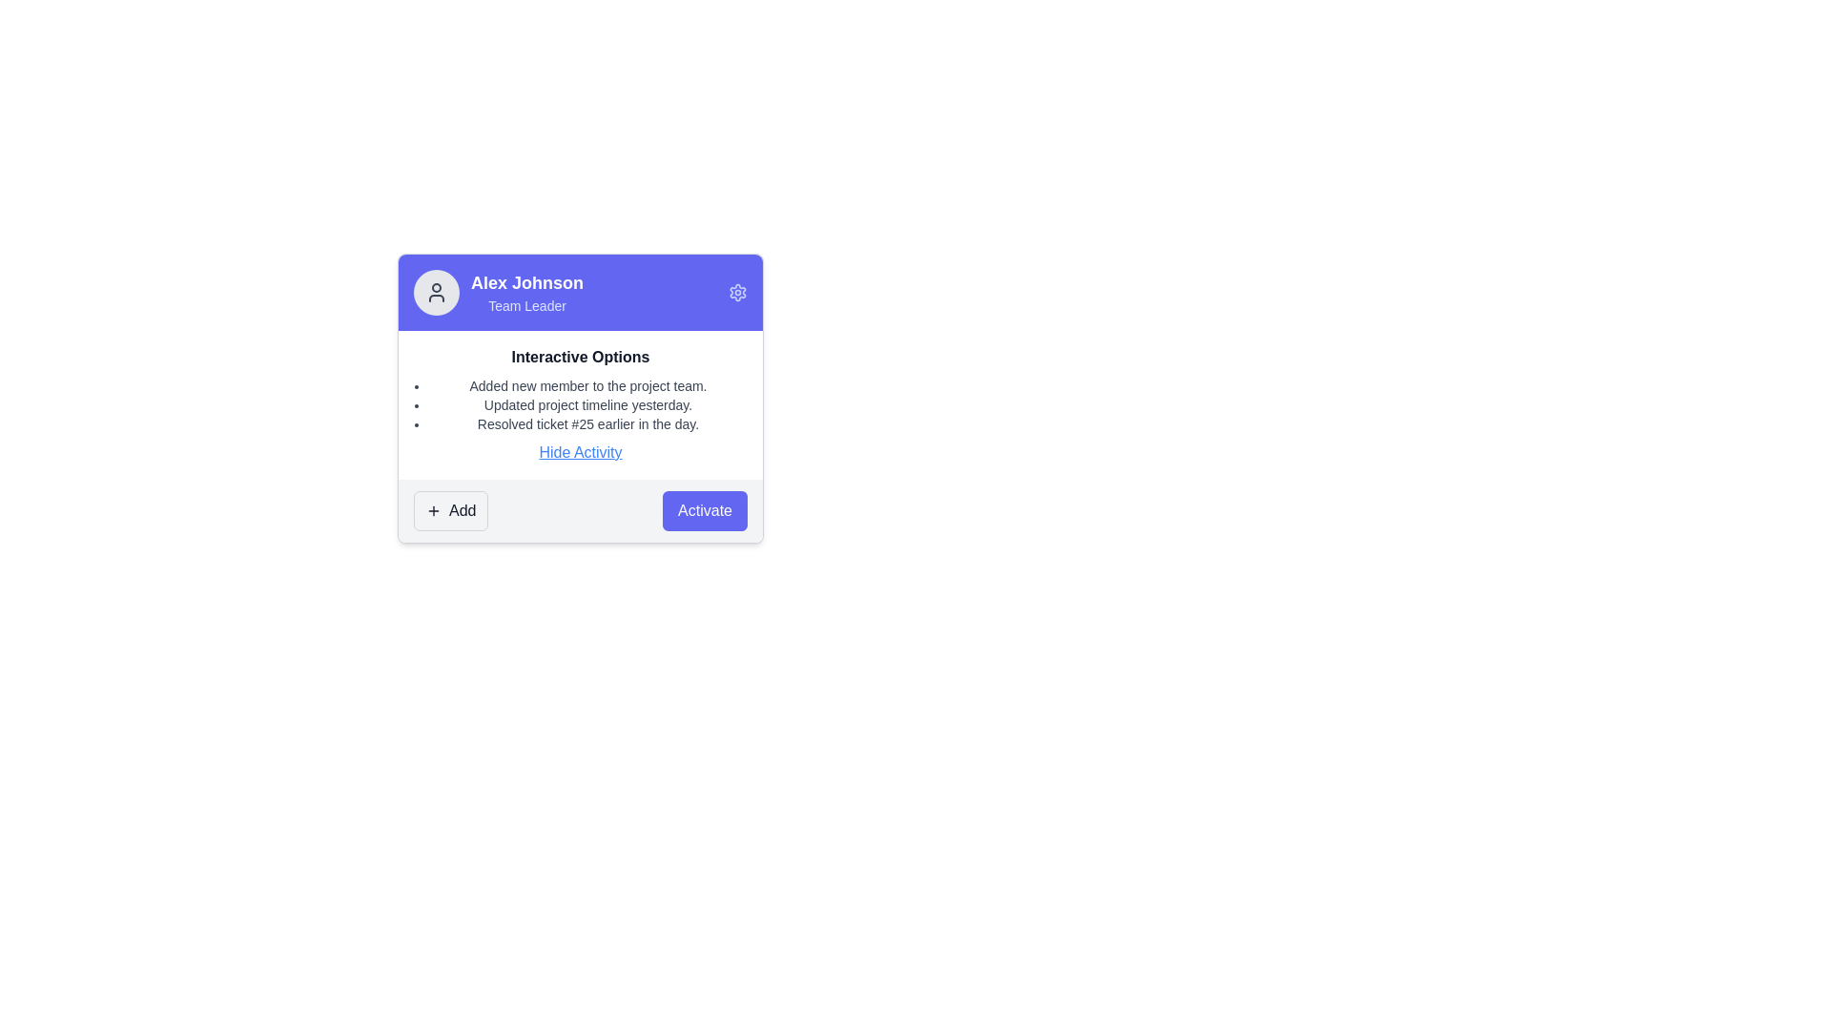 The width and height of the screenshot is (1831, 1030). What do you see at coordinates (435, 293) in the screenshot?
I see `the user icon SVG element, which is a simplified avatar located in the upper-left corner of the purple header bar of the profile card` at bounding box center [435, 293].